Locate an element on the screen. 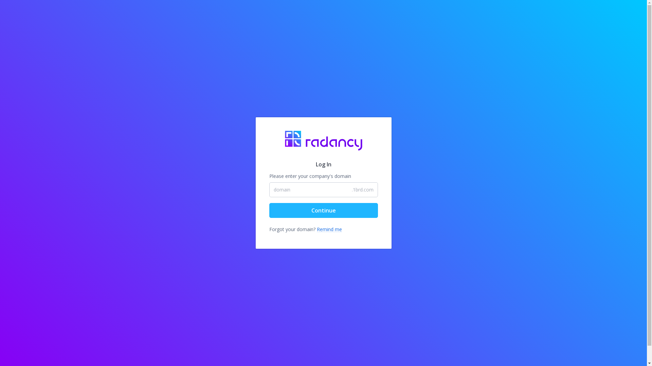 This screenshot has width=652, height=366. 'Continue' is located at coordinates (323, 210).